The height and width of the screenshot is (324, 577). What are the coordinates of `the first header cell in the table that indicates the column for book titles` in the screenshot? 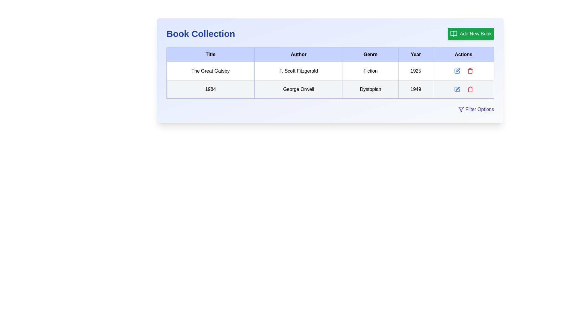 It's located at (210, 54).